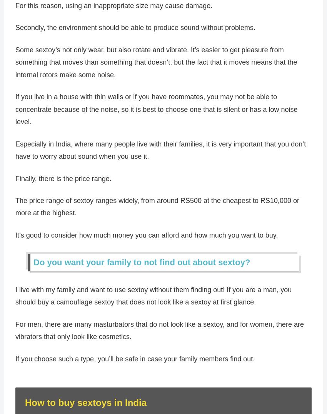 This screenshot has height=414, width=327. I want to click on 'For men, there are many masturbators that do not look like a sextoy, and for women, there are vibrators that only look like cosmetics.', so click(159, 334).